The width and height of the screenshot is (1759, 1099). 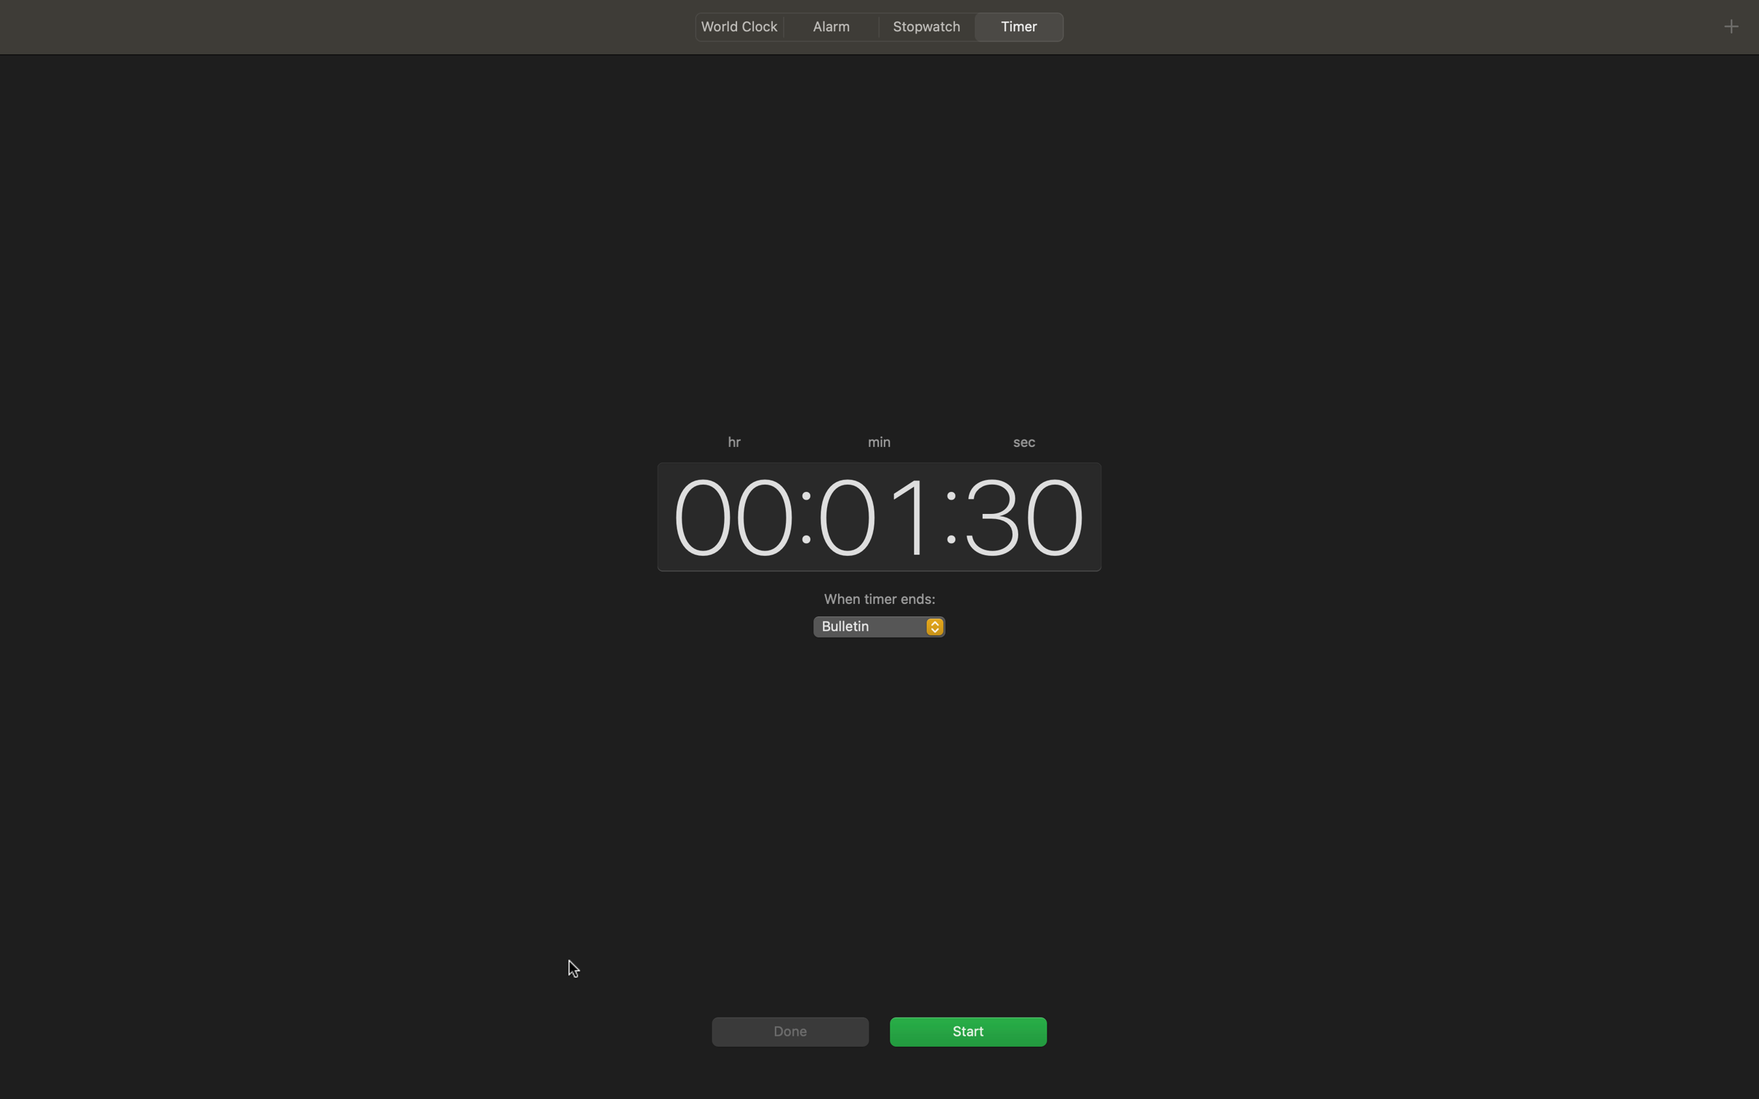 I want to click on seconds as 0, so click(x=1026, y=512).